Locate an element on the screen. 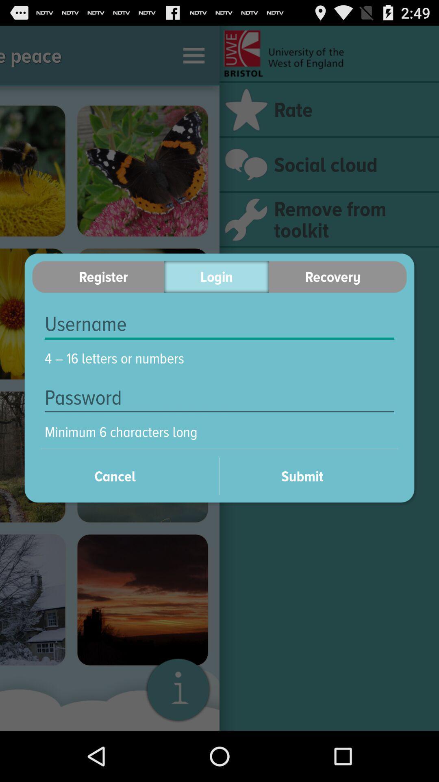 The height and width of the screenshot is (782, 439). icon to the right of the register is located at coordinates (216, 277).